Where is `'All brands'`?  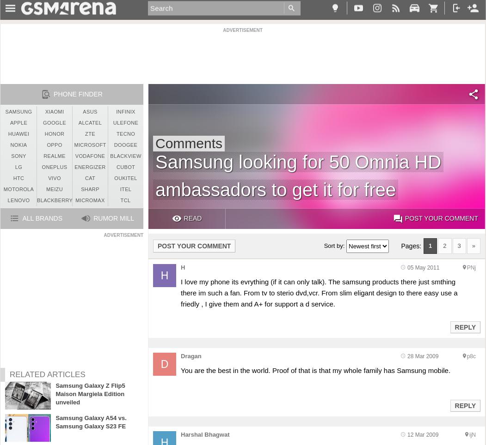 'All brands' is located at coordinates (42, 218).